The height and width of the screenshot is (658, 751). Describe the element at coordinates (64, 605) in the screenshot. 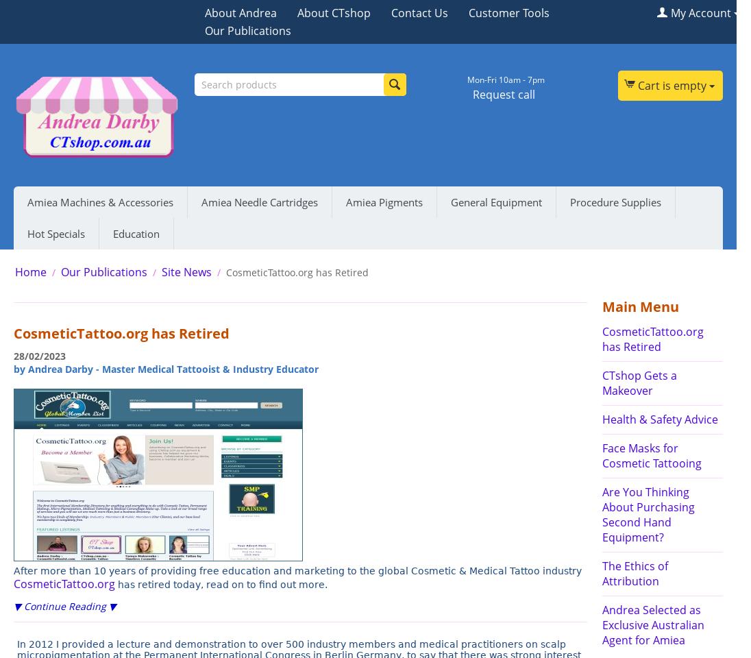

I see `'▼ Continue Reading ▼'` at that location.